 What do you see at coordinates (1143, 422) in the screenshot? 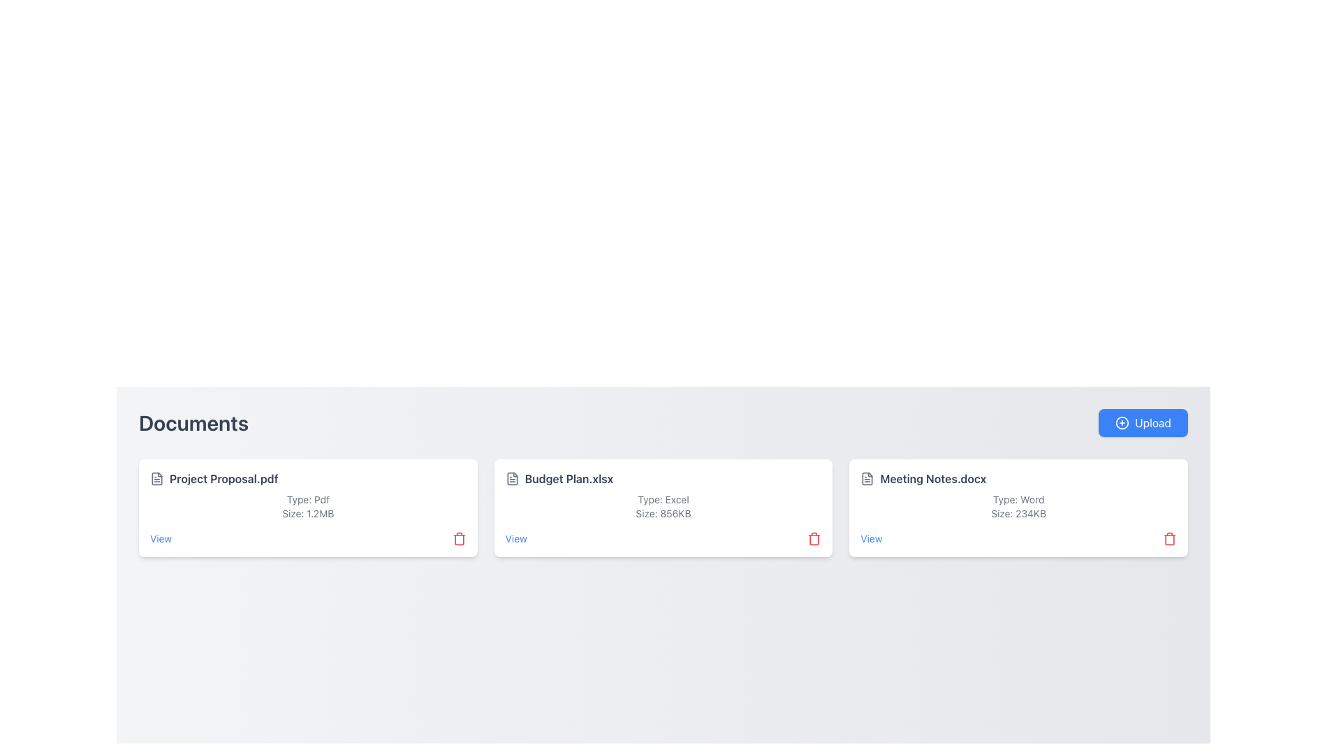
I see `the upload button located in the top-right corner of the 'Documents' section to initiate the file upload process` at bounding box center [1143, 422].